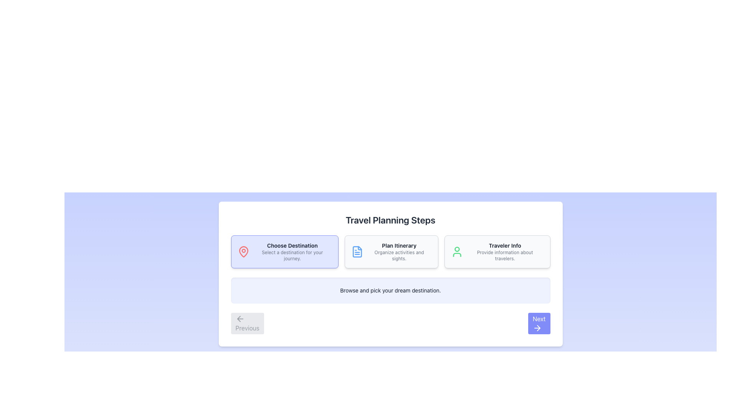 Image resolution: width=737 pixels, height=414 pixels. What do you see at coordinates (538, 328) in the screenshot?
I see `the small right-pointing arrow icon within the 'Next' button at the bottom right corner of the UI panel to zoom in on it` at bounding box center [538, 328].